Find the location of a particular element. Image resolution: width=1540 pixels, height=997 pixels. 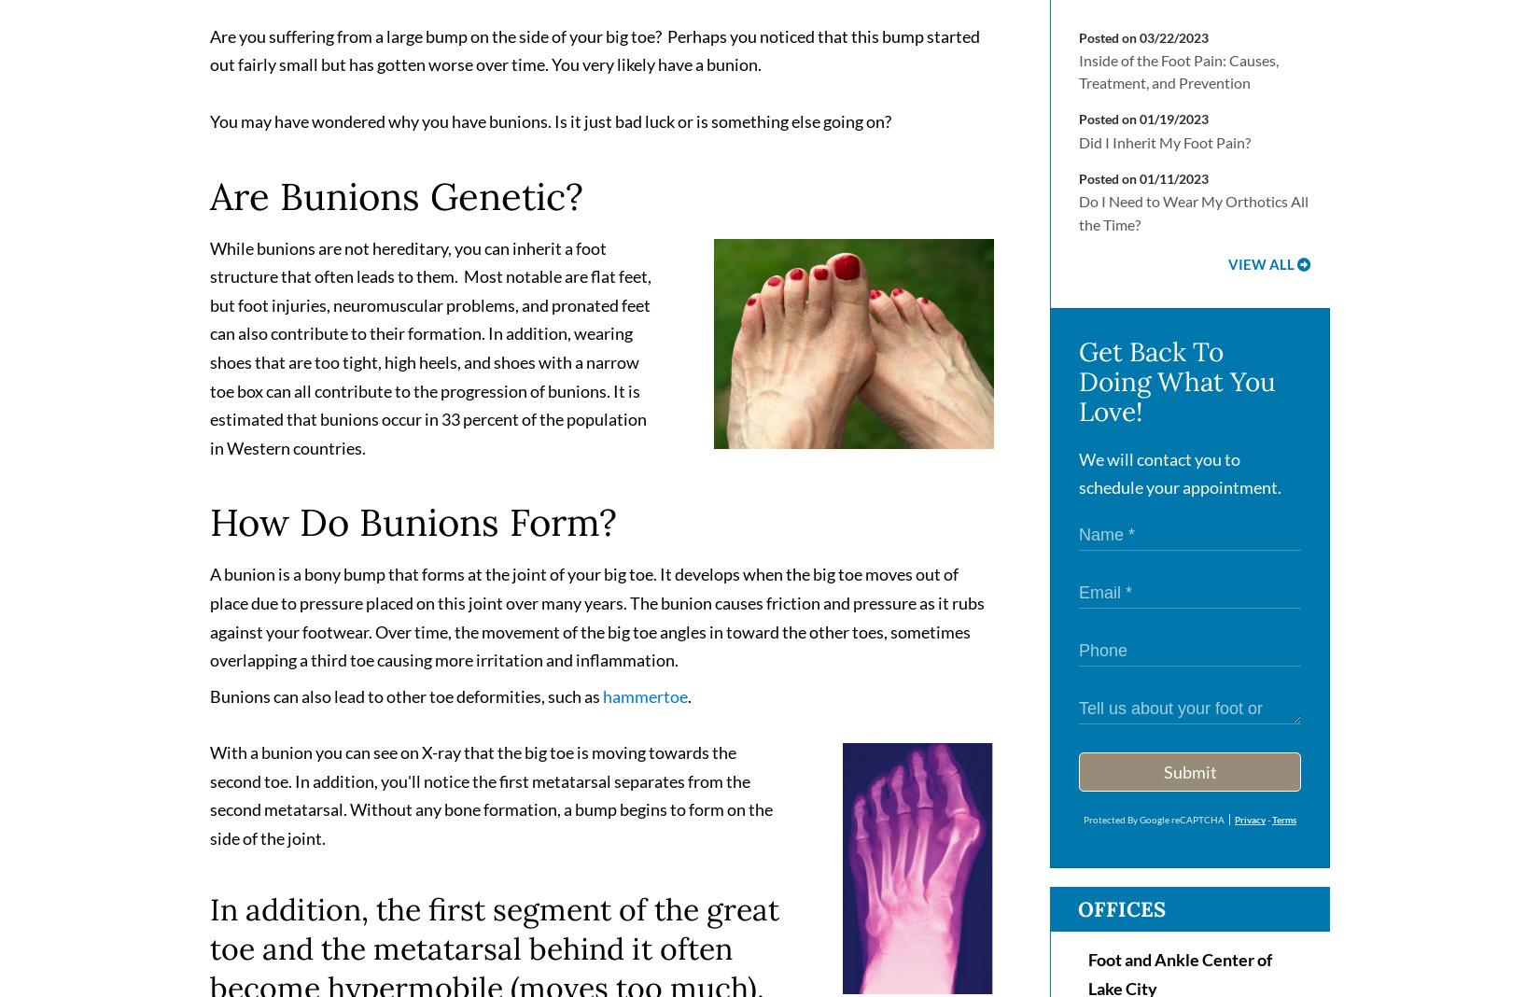

'Get Back To Doing What You Love!' is located at coordinates (1176, 388).